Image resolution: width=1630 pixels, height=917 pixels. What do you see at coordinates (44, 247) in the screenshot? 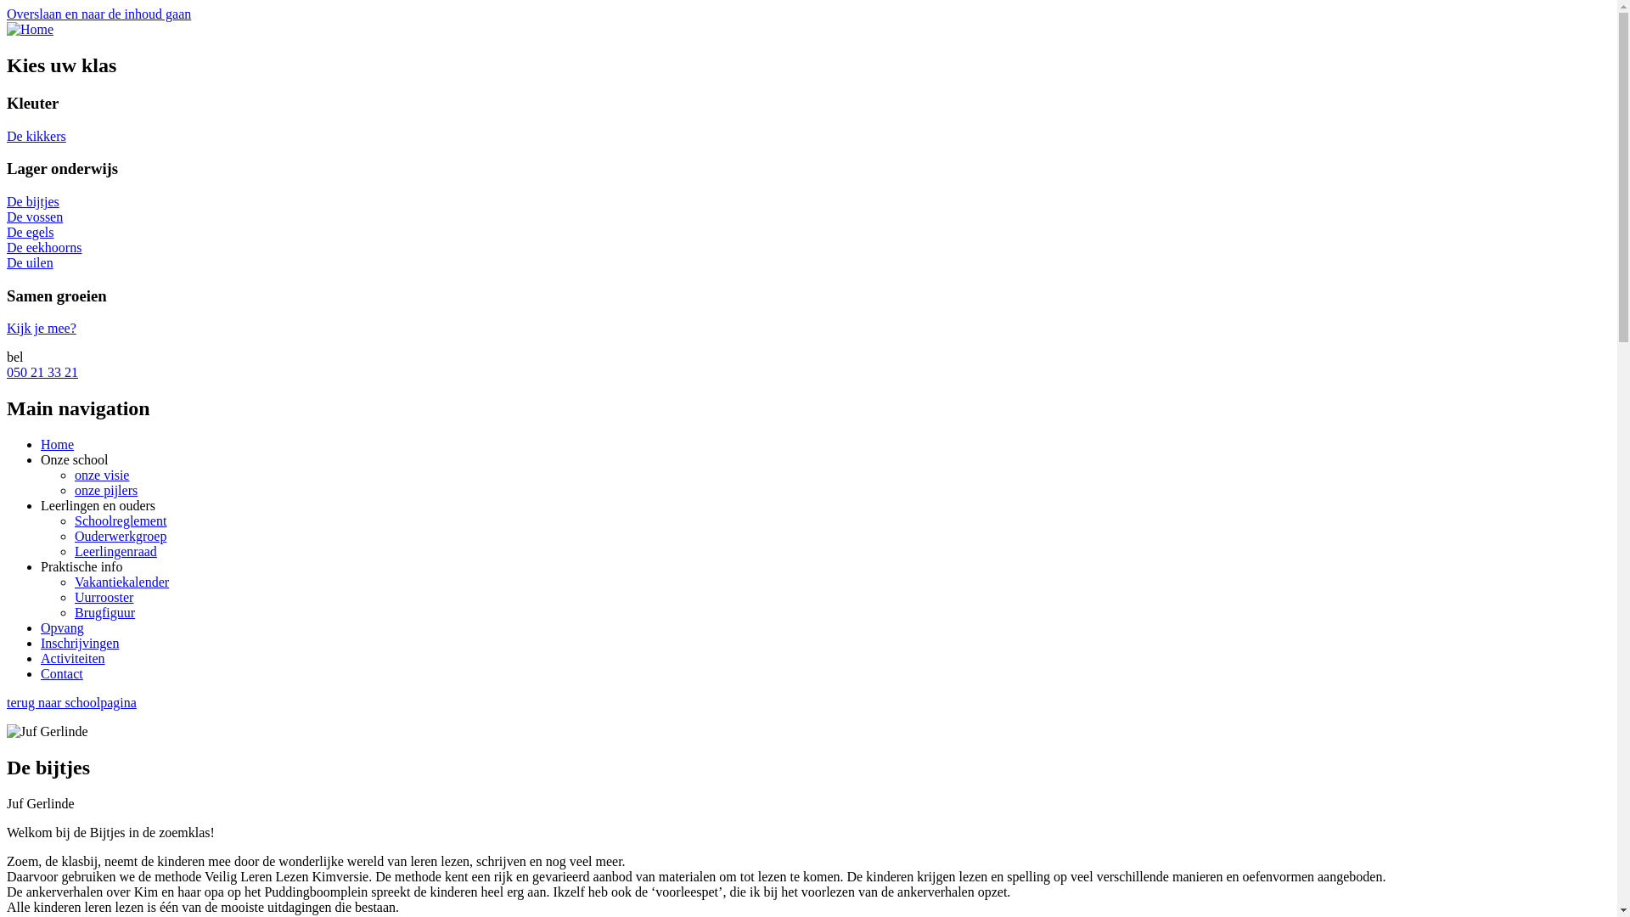
I see `'De eekhoorns'` at bounding box center [44, 247].